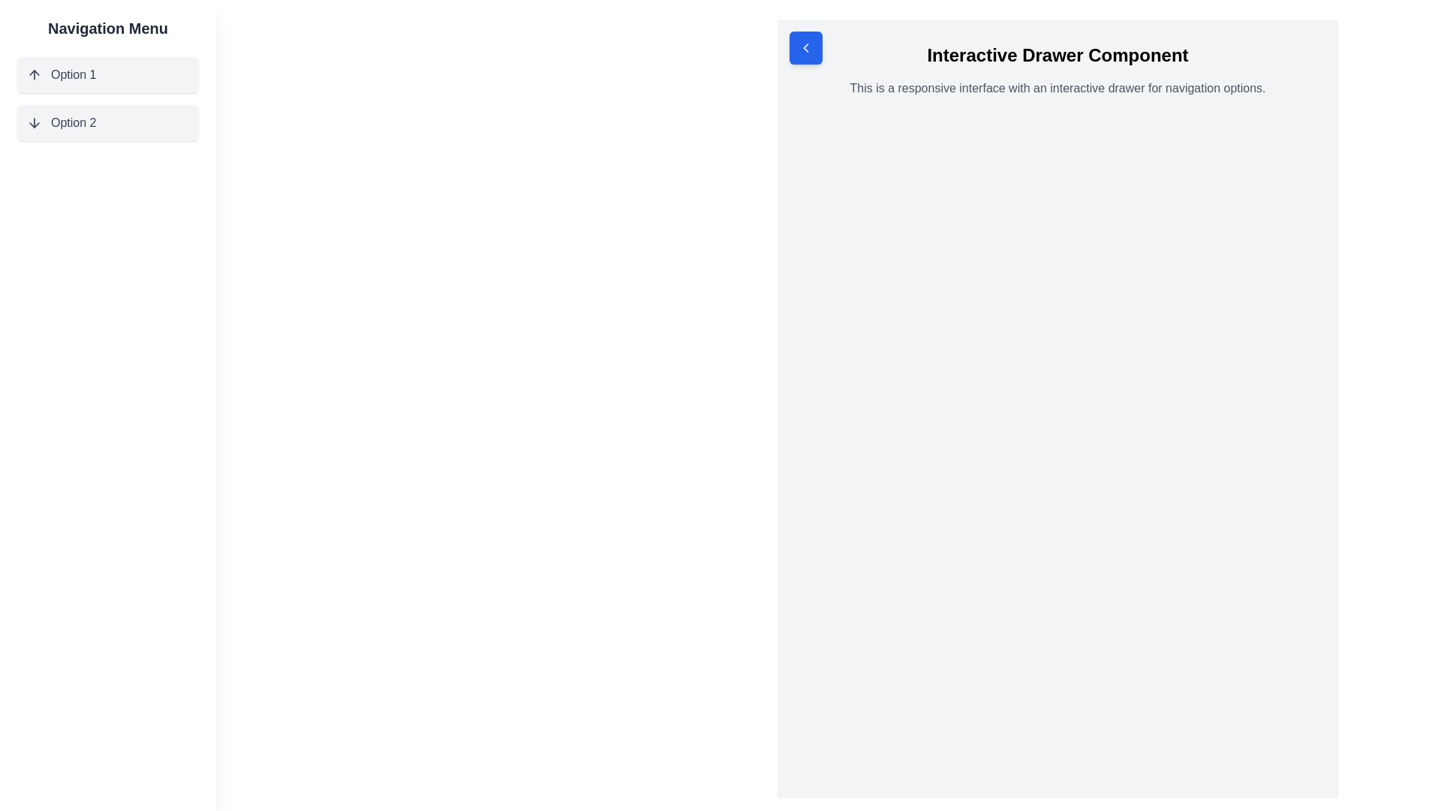 This screenshot has width=1441, height=811. Describe the element at coordinates (1057, 89) in the screenshot. I see `the static text element that reads 'This is a responsive interface with an interactive drawer for navigation options.', positioned directly underneath the header 'Interactive Drawer Component'` at that location.